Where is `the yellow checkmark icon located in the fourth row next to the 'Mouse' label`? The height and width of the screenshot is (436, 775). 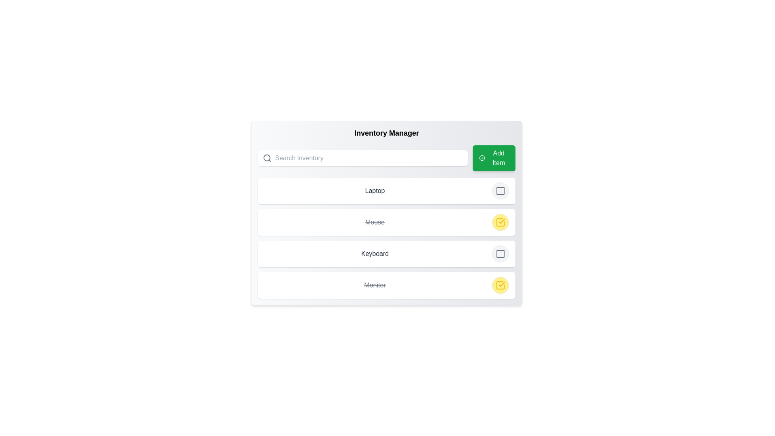
the yellow checkmark icon located in the fourth row next to the 'Mouse' label is located at coordinates (500, 222).